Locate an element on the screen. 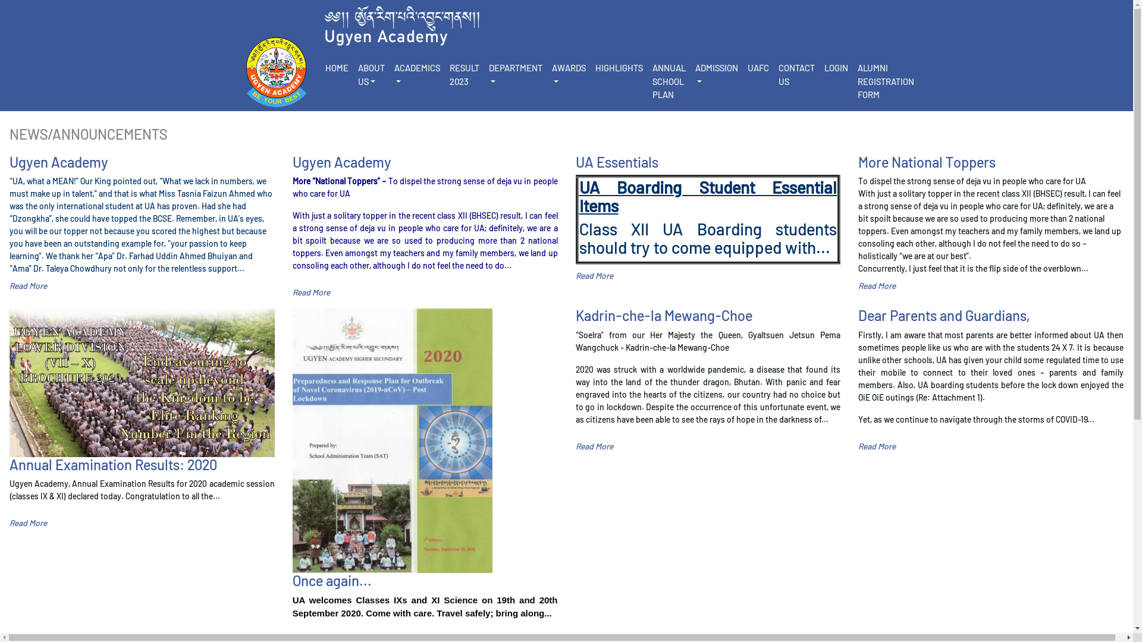 Image resolution: width=1142 pixels, height=642 pixels. 'DEPARTMENT' is located at coordinates (484, 74).